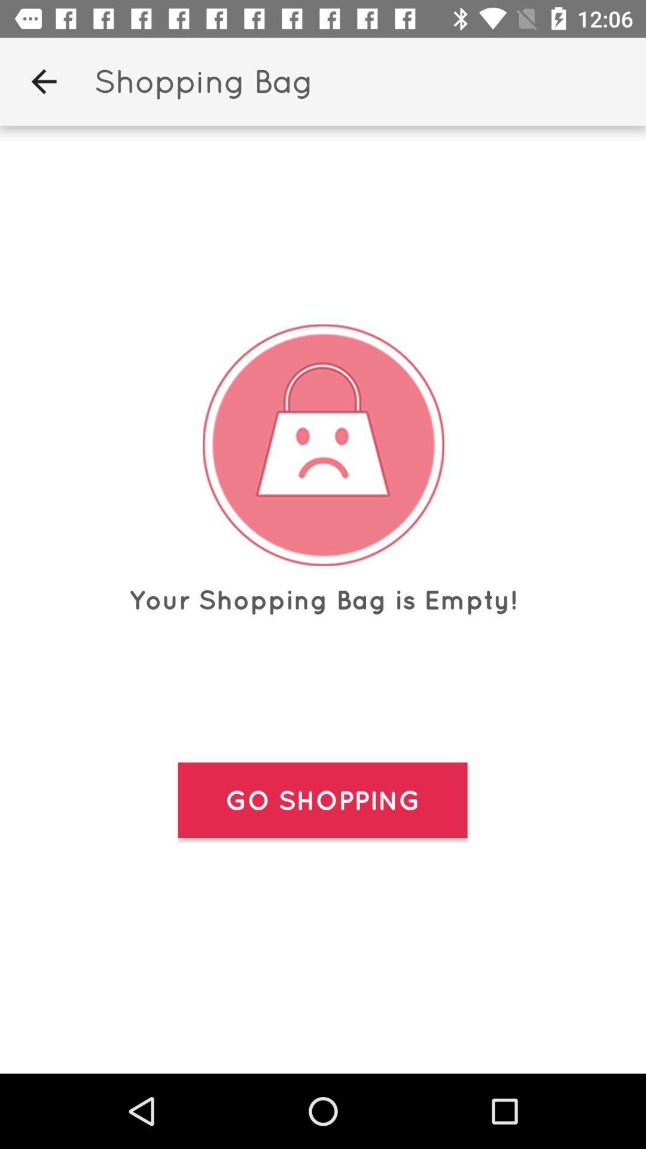 The height and width of the screenshot is (1149, 646). I want to click on the icon next to the shopping bag, so click(43, 81).